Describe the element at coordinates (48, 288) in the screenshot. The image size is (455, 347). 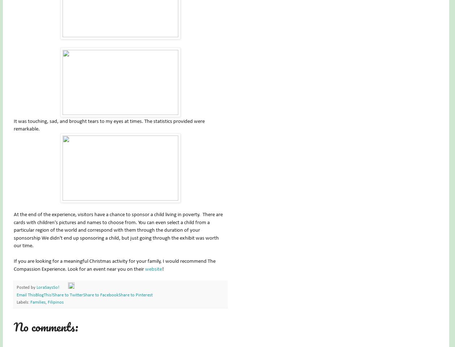
I see `'LoraSaysSo!'` at that location.